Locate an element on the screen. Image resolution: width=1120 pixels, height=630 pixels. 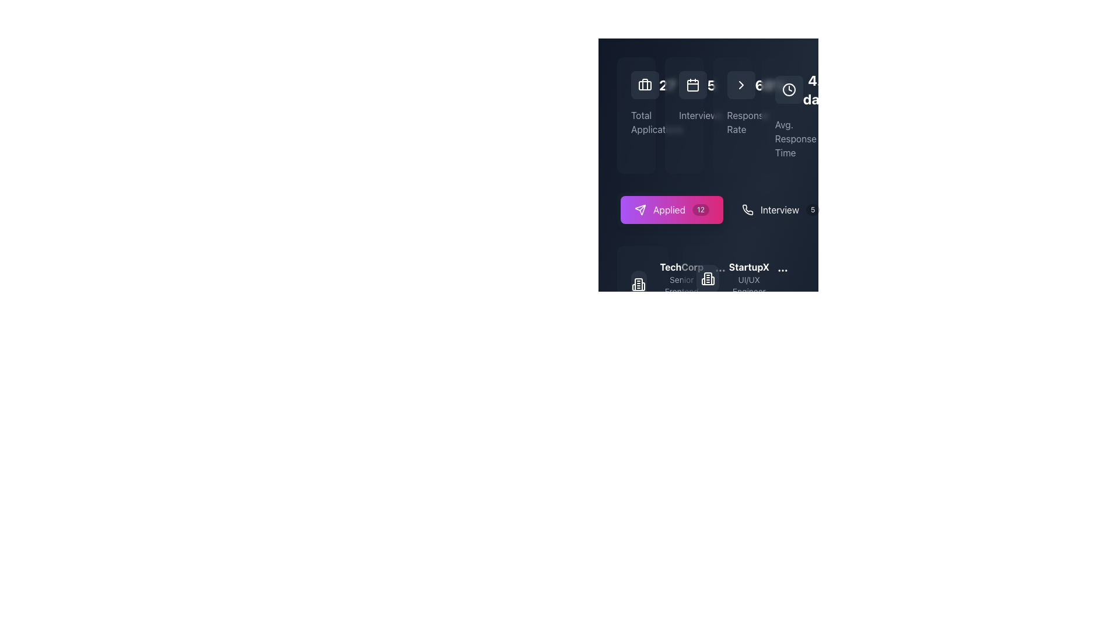
the 'Applied' button with a paper plane icon and a badge showing '12' is located at coordinates (672, 209).